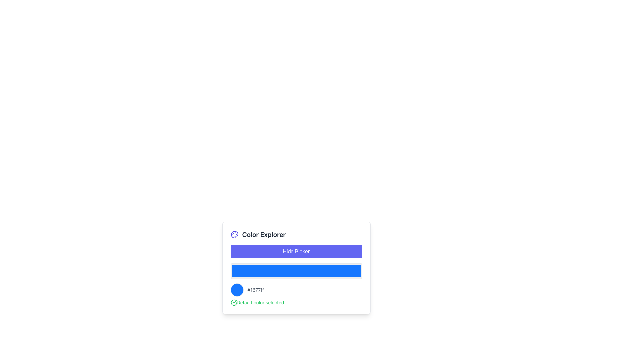 This screenshot has width=636, height=358. I want to click on the circular checkmark icon styled with a thin green stroke, located to the left of the 'Default color selected' text, so click(234, 303).